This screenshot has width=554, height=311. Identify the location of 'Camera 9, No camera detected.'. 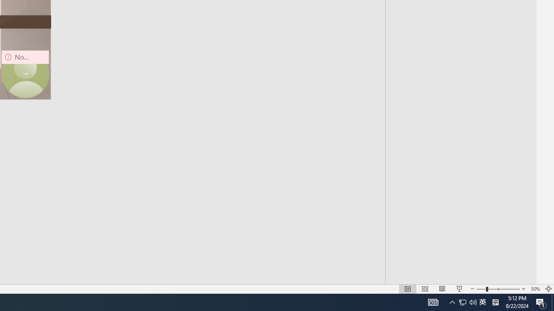
(25, 73).